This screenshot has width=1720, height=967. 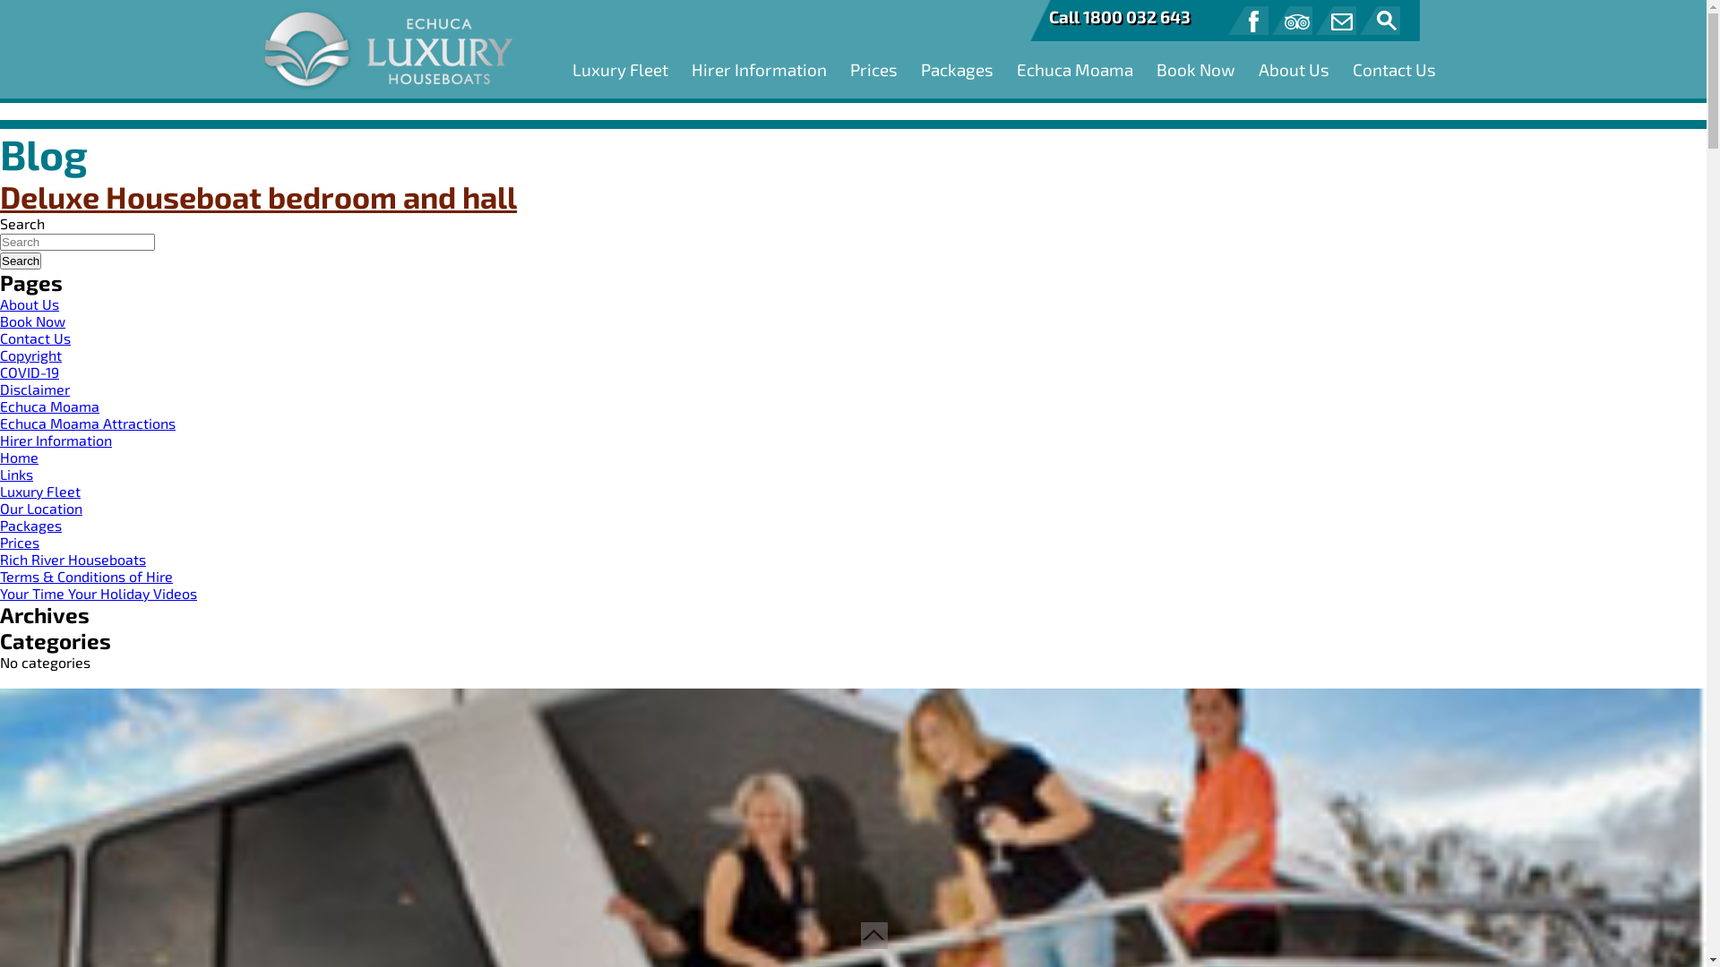 What do you see at coordinates (868, 68) in the screenshot?
I see `'Prices'` at bounding box center [868, 68].